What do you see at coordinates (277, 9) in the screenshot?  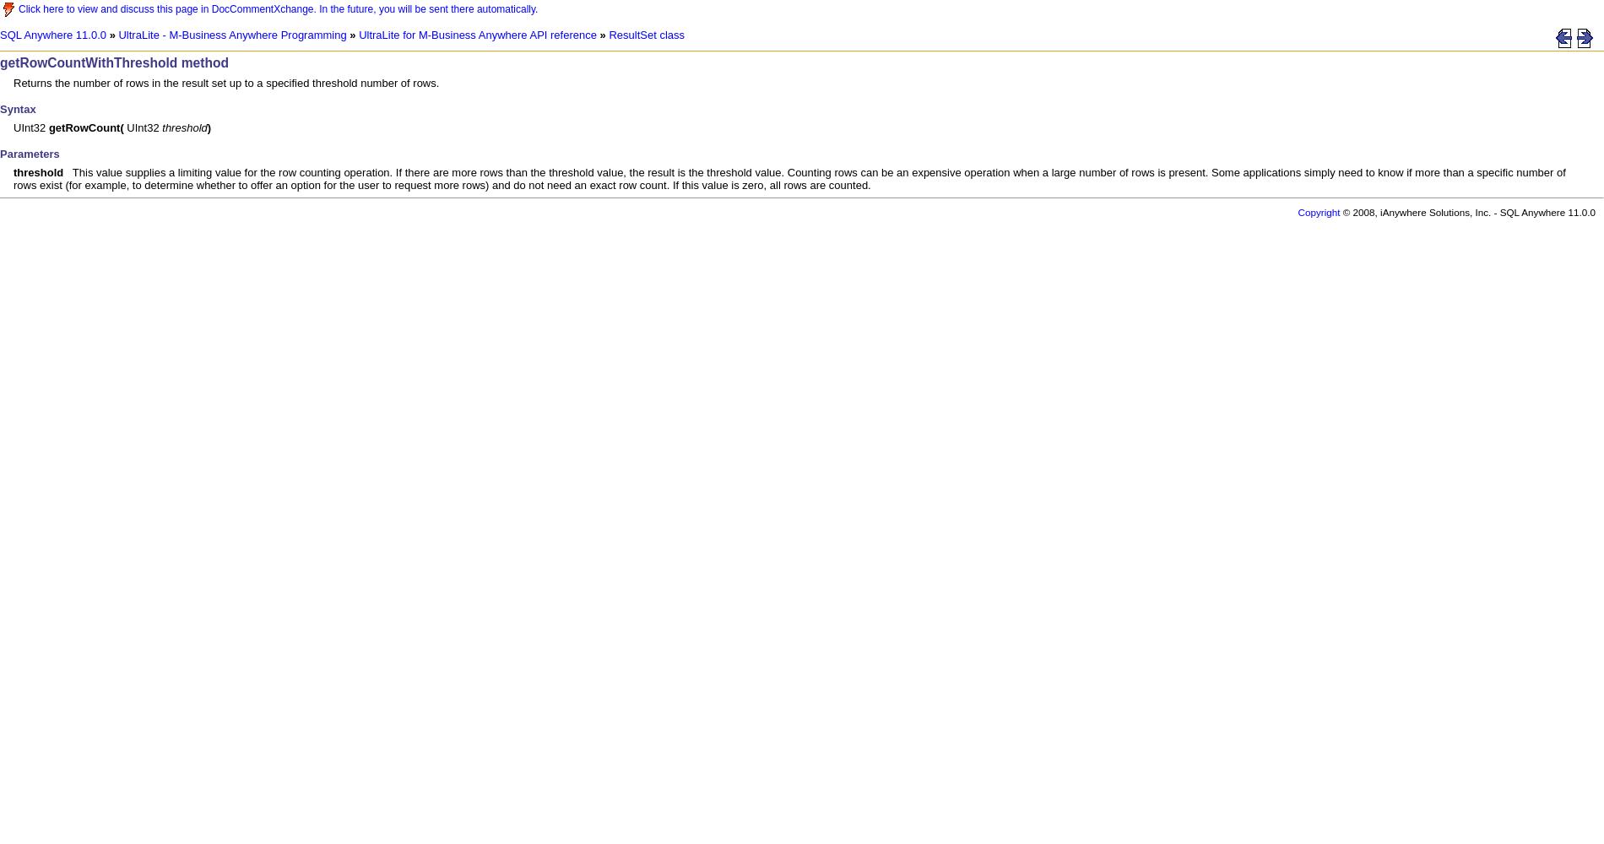 I see `'Click here to view and discuss this page in DocCommentXchange. In the future, you will be sent there automatically.'` at bounding box center [277, 9].